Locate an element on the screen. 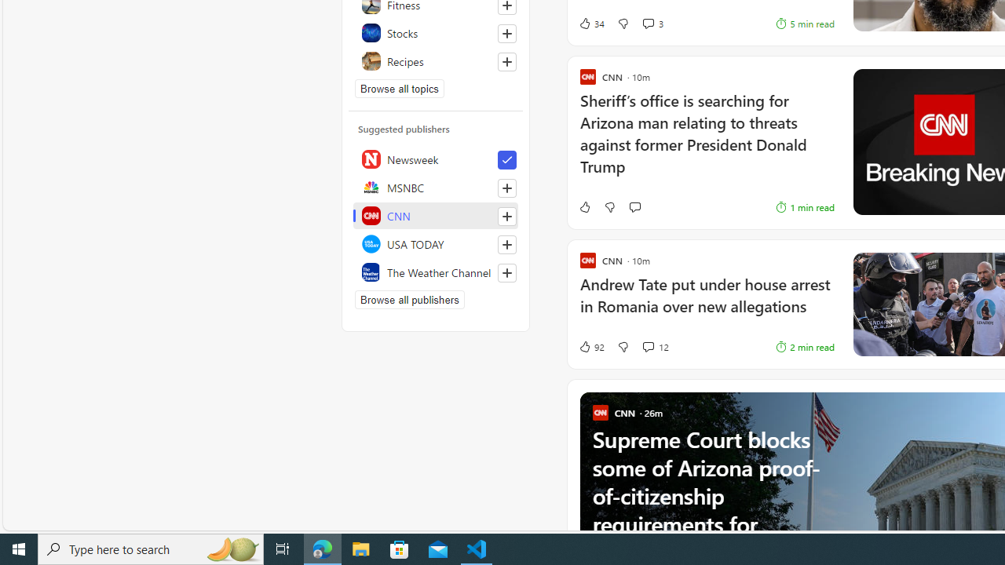 This screenshot has width=1005, height=565. 'MSNBC' is located at coordinates (436, 187).